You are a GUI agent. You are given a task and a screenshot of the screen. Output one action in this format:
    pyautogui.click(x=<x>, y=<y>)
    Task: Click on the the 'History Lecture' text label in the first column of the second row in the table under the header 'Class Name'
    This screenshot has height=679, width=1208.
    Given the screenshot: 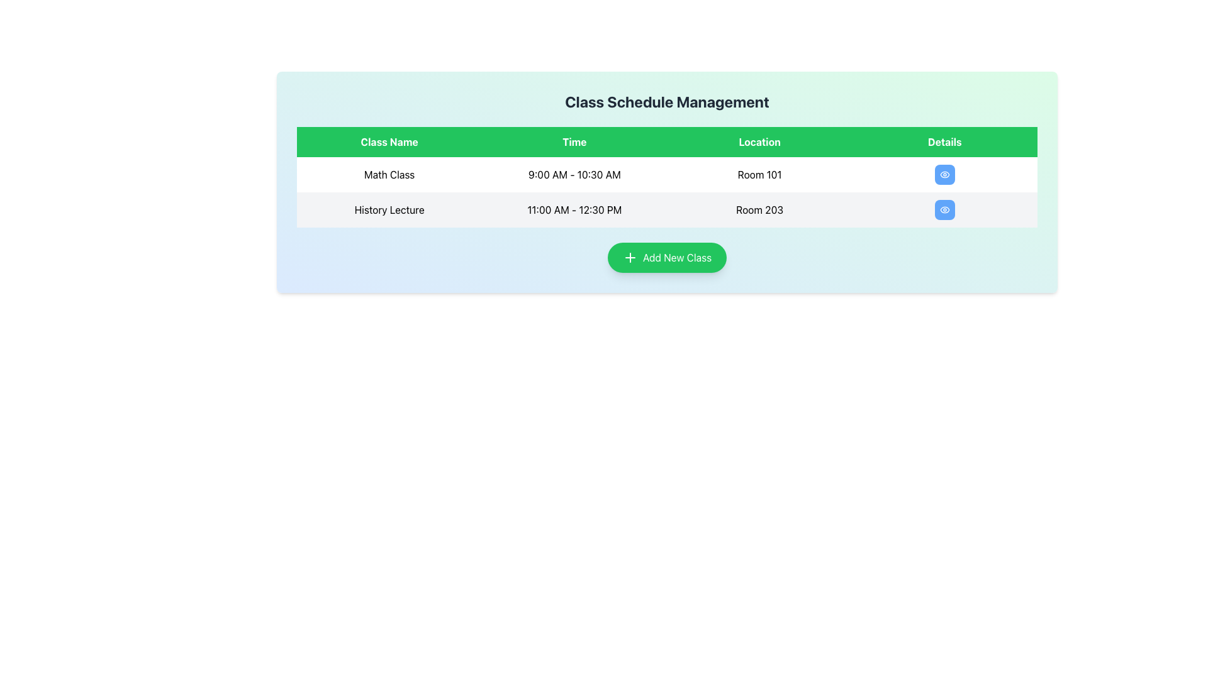 What is the action you would take?
    pyautogui.click(x=389, y=209)
    